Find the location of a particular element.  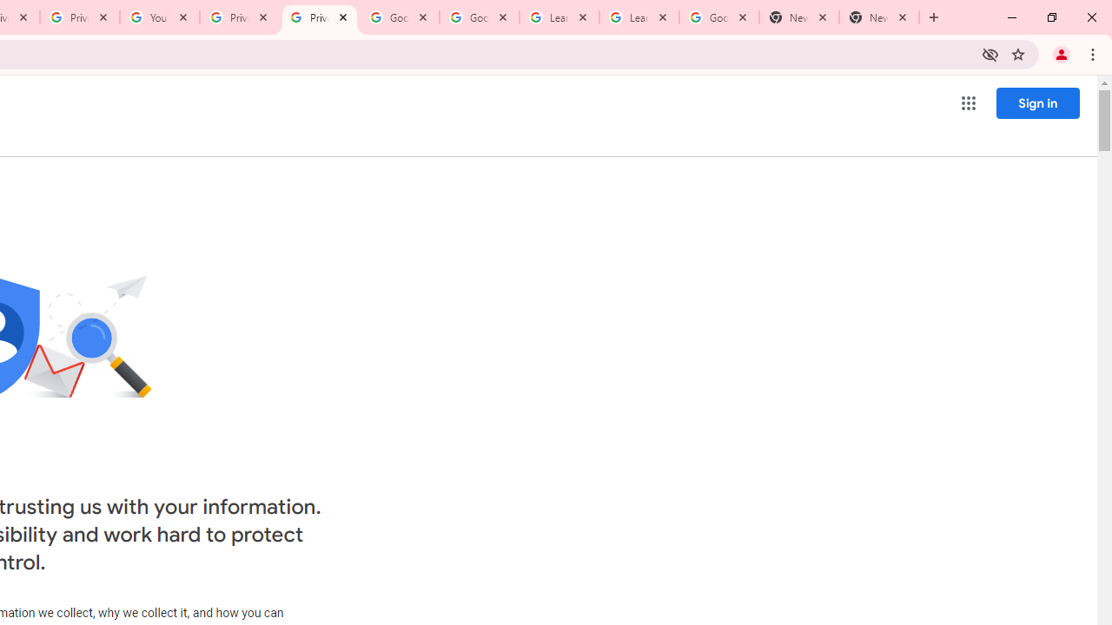

'New Tab' is located at coordinates (798, 17).